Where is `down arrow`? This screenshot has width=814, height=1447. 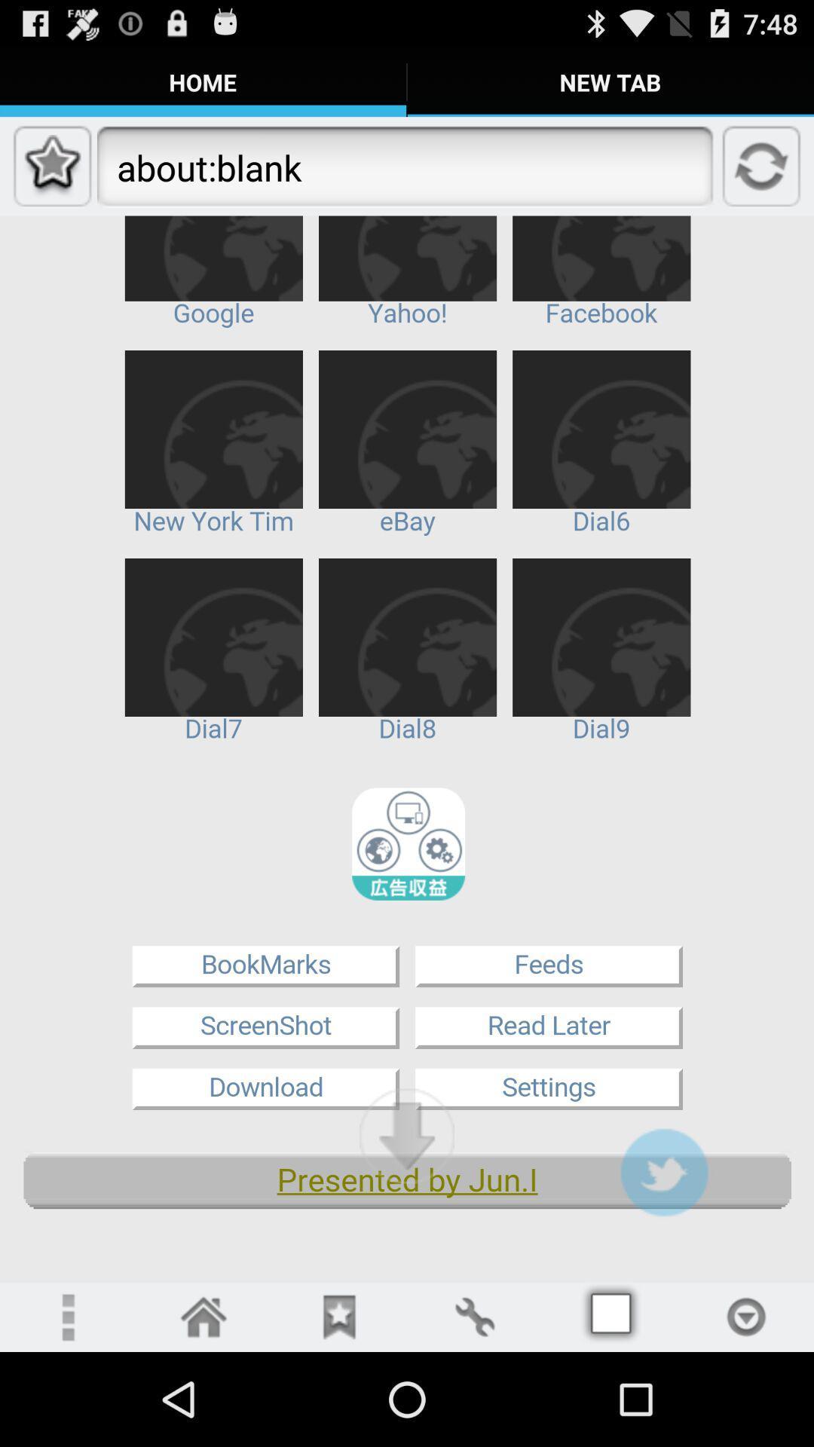
down arrow is located at coordinates (407, 1136).